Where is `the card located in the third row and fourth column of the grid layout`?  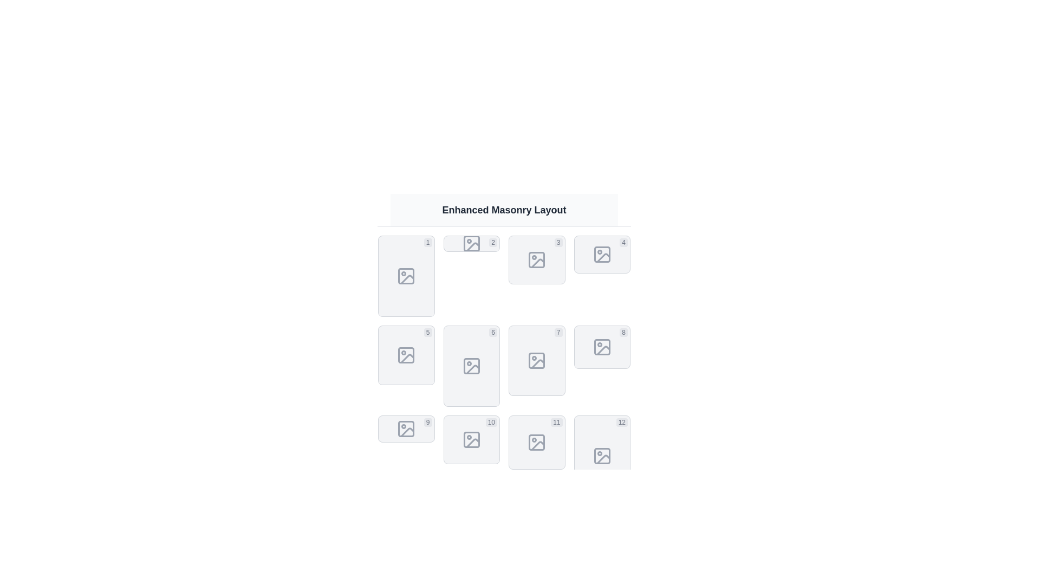
the card located in the third row and fourth column of the grid layout is located at coordinates (537, 443).